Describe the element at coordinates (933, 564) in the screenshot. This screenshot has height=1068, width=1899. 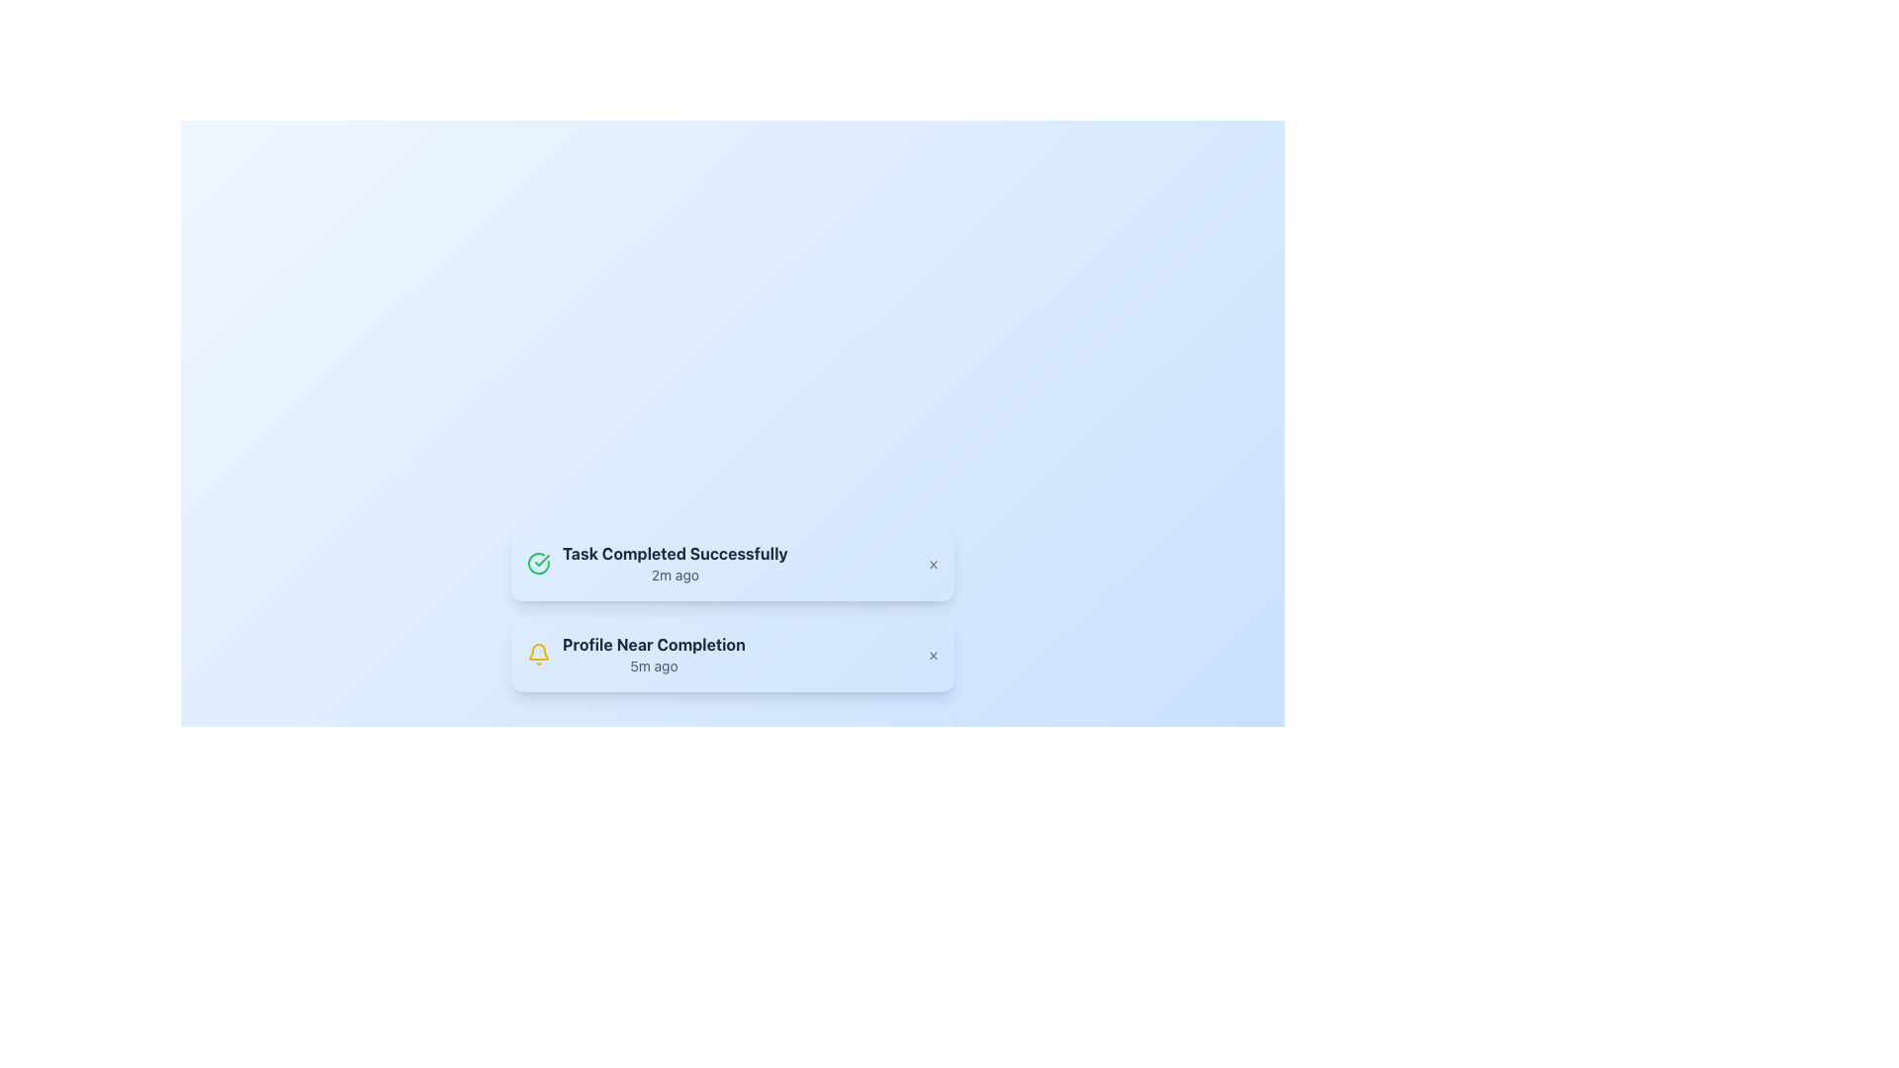
I see `the Close Button represented by an '×' character in gray color located at the top-right corner of the notification box titled 'Task Completed Successfully'` at that location.